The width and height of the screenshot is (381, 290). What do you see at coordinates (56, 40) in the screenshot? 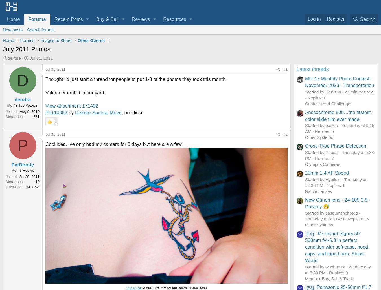
I see `'Images to Share'` at bounding box center [56, 40].